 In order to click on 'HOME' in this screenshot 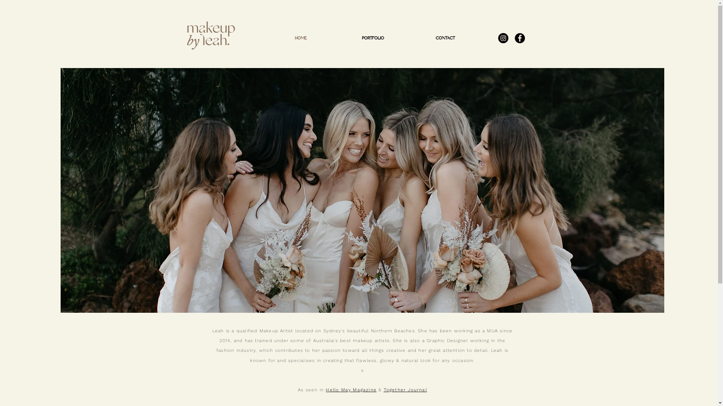, I will do `click(300, 38)`.